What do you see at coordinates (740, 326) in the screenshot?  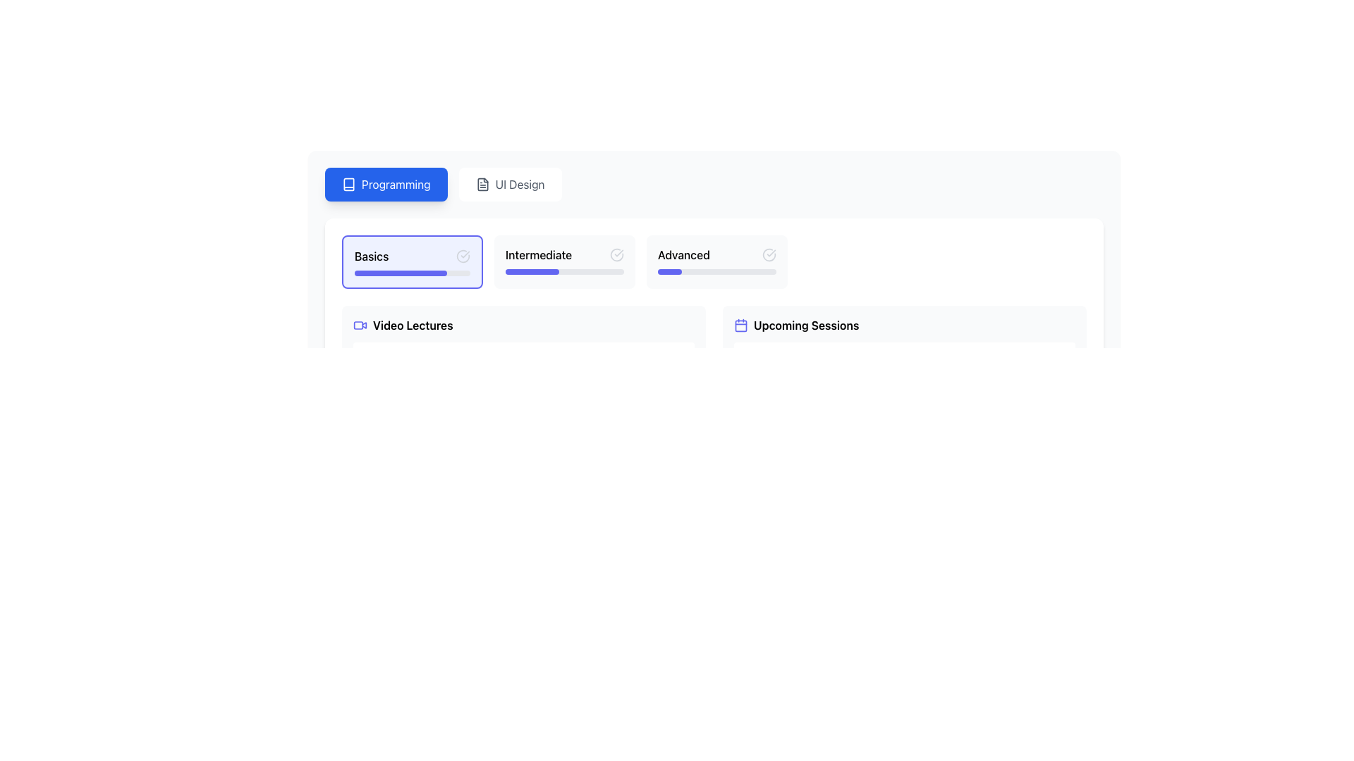 I see `the SVG rectangle within the 'calendar' icon to open the linked feature associated with 'Upcoming Sessions'` at bounding box center [740, 326].